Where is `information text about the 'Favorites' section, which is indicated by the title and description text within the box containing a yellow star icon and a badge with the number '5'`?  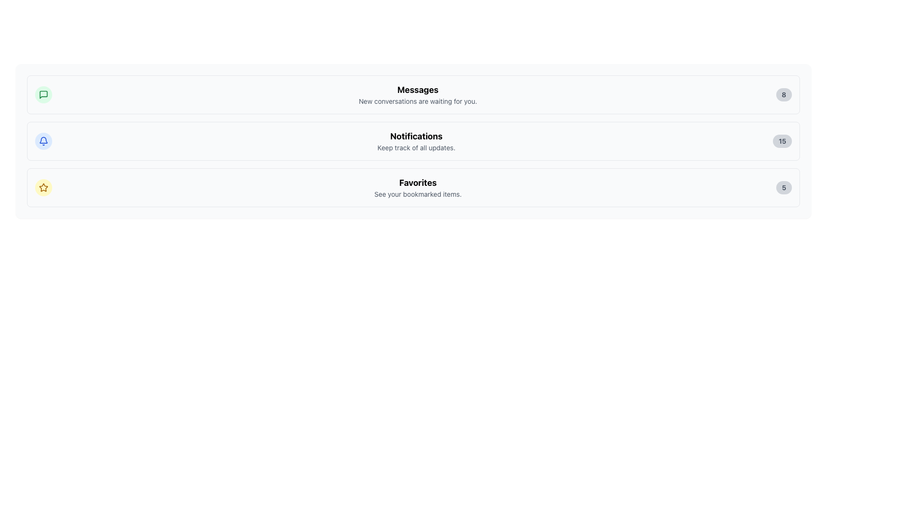
information text about the 'Favorites' section, which is indicated by the title and description text within the box containing a yellow star icon and a badge with the number '5' is located at coordinates (418, 188).